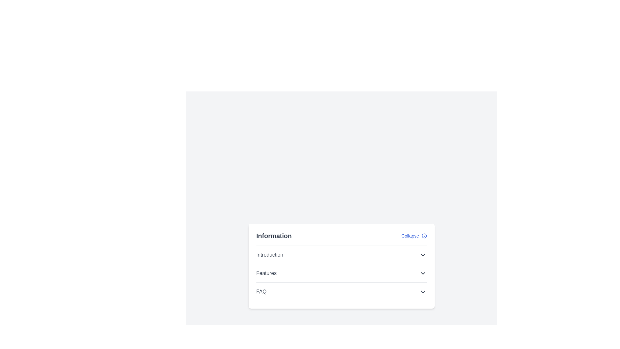  What do you see at coordinates (423, 273) in the screenshot?
I see `the downward-pointing chevron icon at the rightmost end of the 'Features' row` at bounding box center [423, 273].